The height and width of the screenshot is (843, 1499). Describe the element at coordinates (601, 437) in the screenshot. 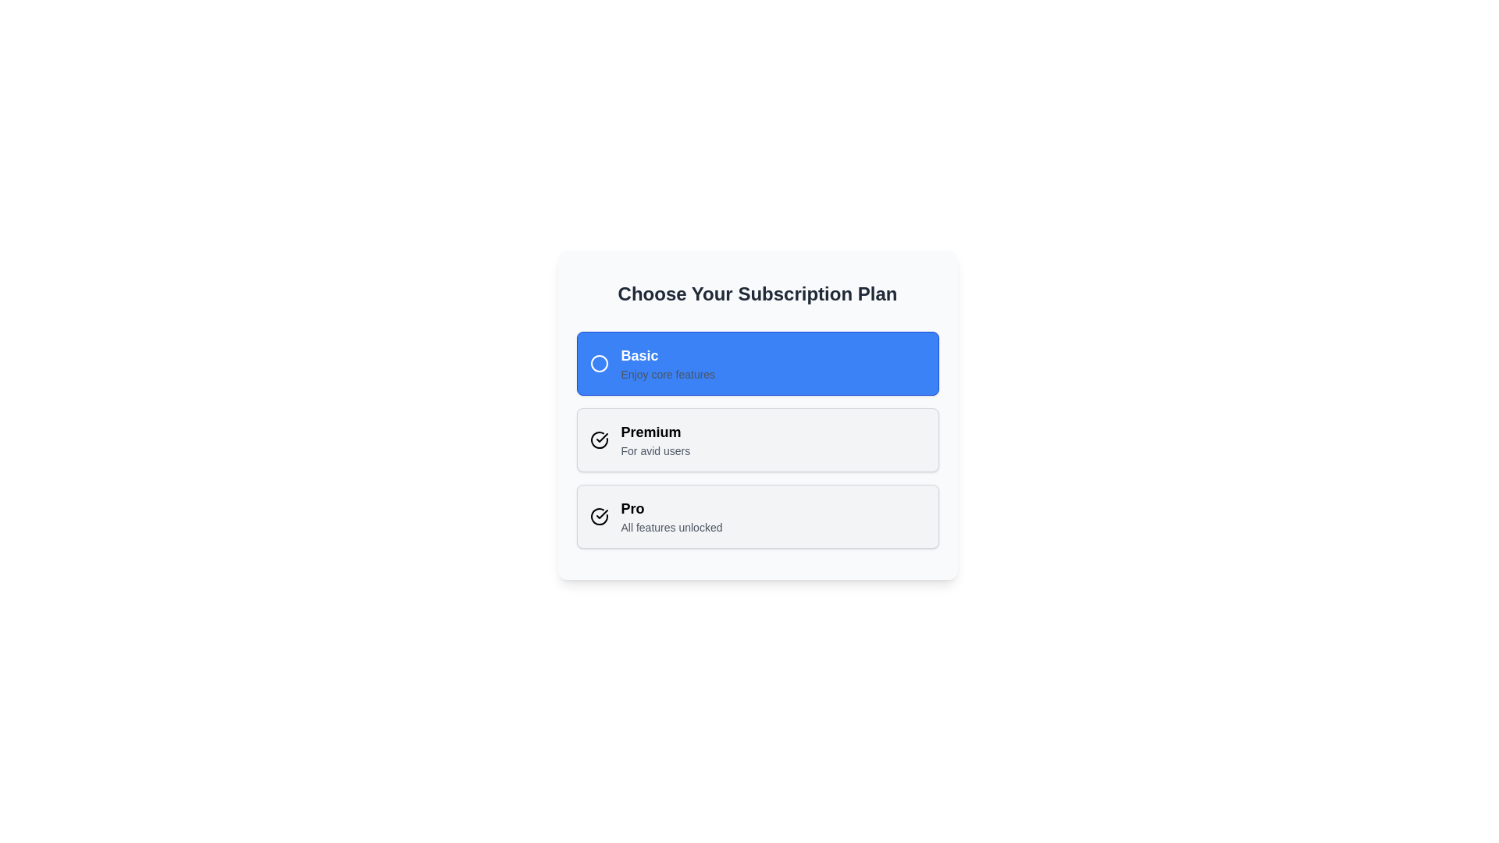

I see `the status indicator icon for the 'Pro' subscription plan located in the third subscription option row` at that location.